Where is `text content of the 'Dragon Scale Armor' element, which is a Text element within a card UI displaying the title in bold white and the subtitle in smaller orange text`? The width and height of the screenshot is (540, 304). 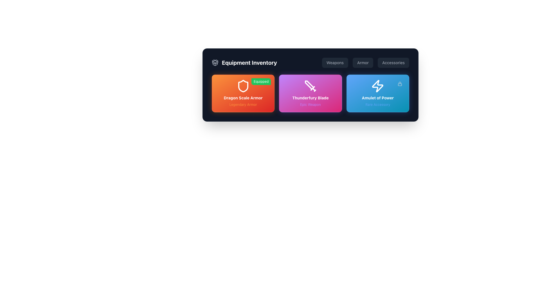
text content of the 'Dragon Scale Armor' element, which is a Text element within a card UI displaying the title in bold white and the subtitle in smaller orange text is located at coordinates (243, 101).